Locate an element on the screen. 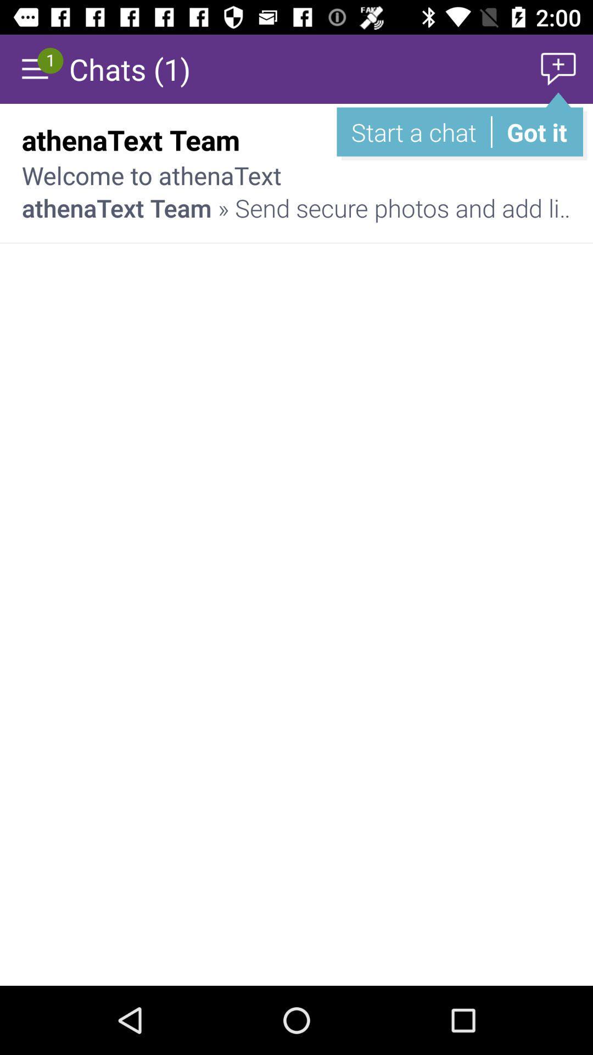 The height and width of the screenshot is (1055, 593). menu is located at coordinates (33, 68).